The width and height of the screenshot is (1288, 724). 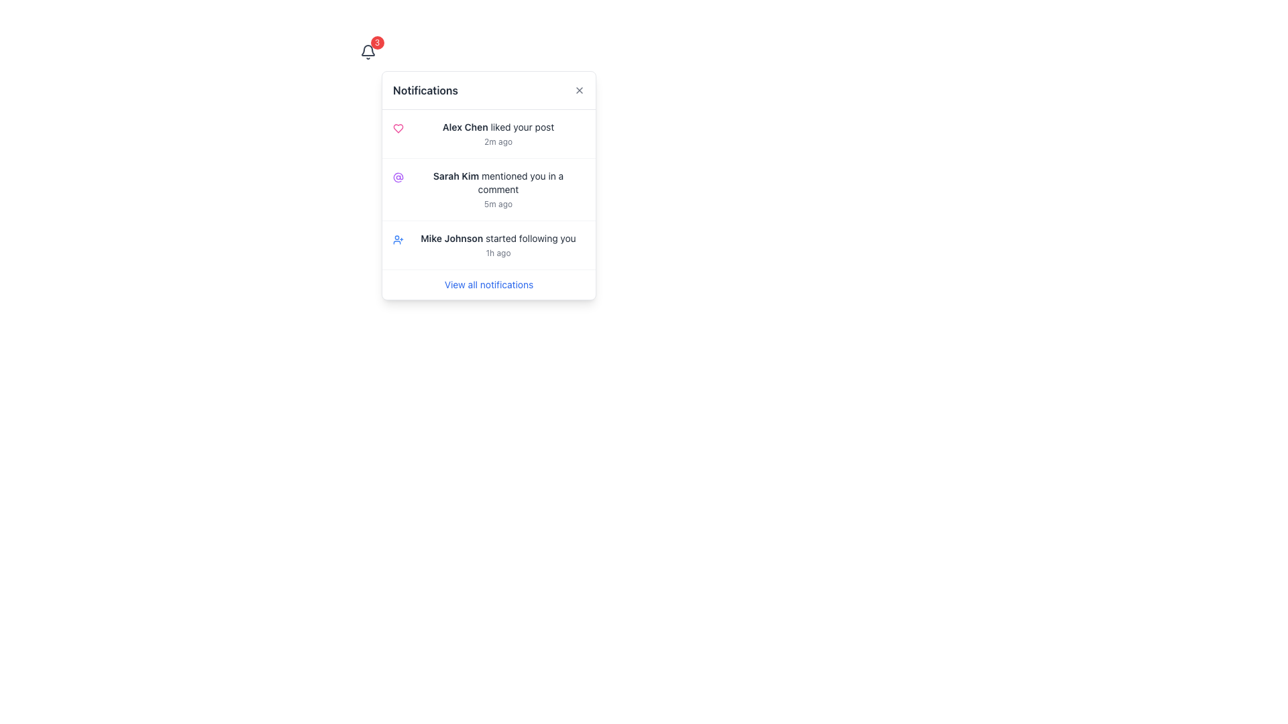 I want to click on the hyperlink at the bottom of the notification panel, so click(x=488, y=284).